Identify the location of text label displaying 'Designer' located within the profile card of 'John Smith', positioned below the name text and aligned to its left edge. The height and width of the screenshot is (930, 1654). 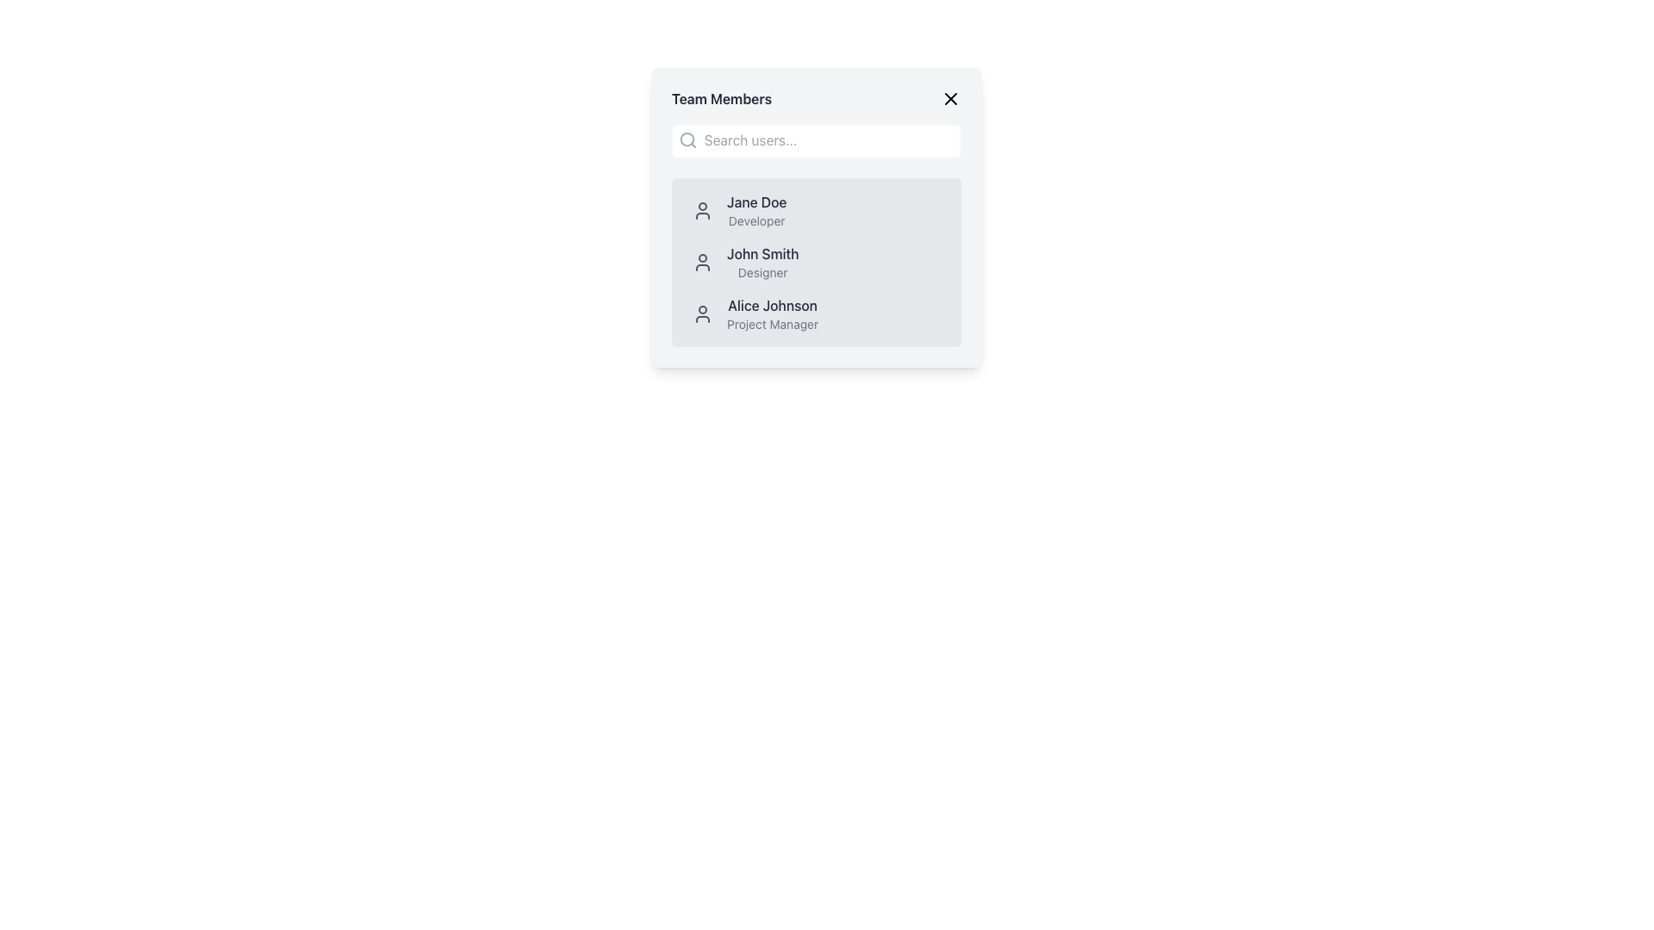
(762, 271).